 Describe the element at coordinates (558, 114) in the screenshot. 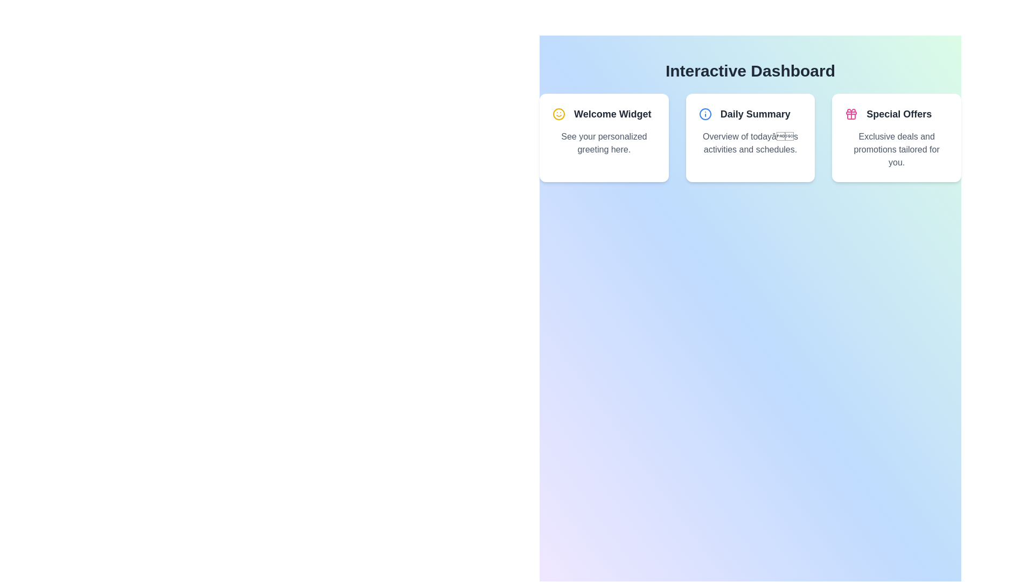

I see `the main circular outline of the smiley face icon located in the 'Welcome Widget' card on the dashboard` at that location.